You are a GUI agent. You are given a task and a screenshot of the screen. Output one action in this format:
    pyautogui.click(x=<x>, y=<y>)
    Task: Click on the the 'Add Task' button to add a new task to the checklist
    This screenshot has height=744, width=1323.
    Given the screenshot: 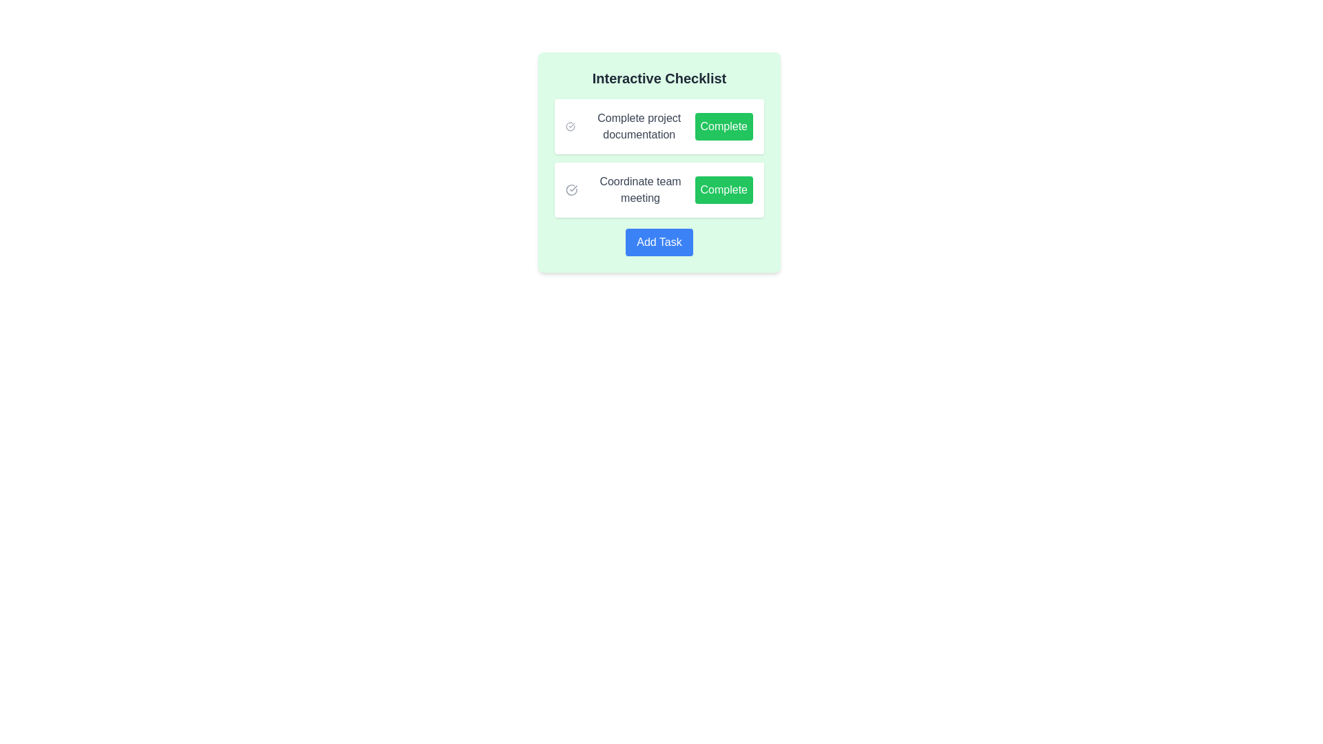 What is the action you would take?
    pyautogui.click(x=658, y=241)
    